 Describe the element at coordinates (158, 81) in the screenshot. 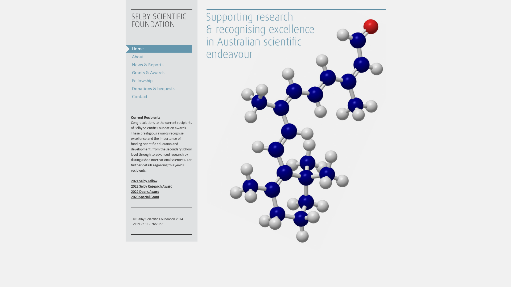

I see `'Fellowship'` at that location.